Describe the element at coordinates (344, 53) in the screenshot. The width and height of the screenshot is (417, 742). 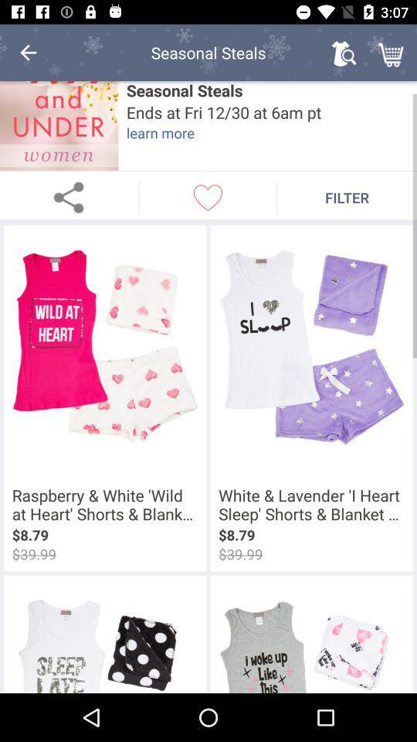
I see `the icon next to the seasonal steals item` at that location.